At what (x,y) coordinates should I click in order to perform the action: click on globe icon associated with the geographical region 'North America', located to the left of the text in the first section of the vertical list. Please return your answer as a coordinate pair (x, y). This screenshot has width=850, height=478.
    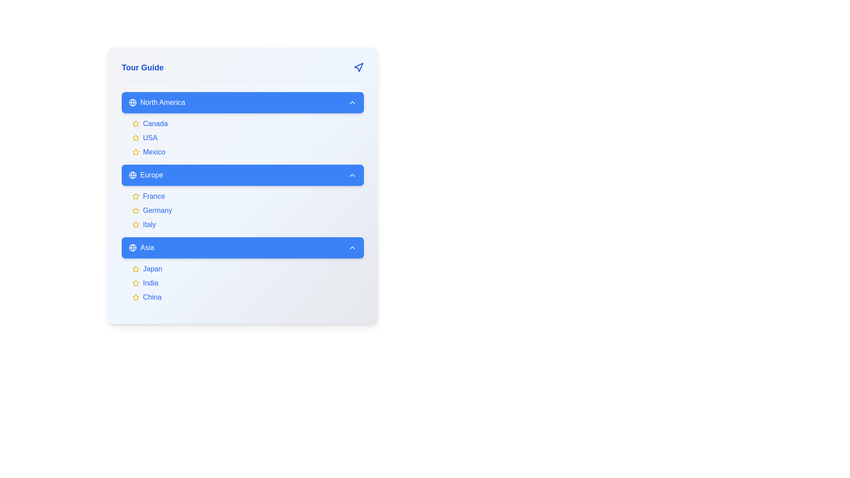
    Looking at the image, I should click on (132, 102).